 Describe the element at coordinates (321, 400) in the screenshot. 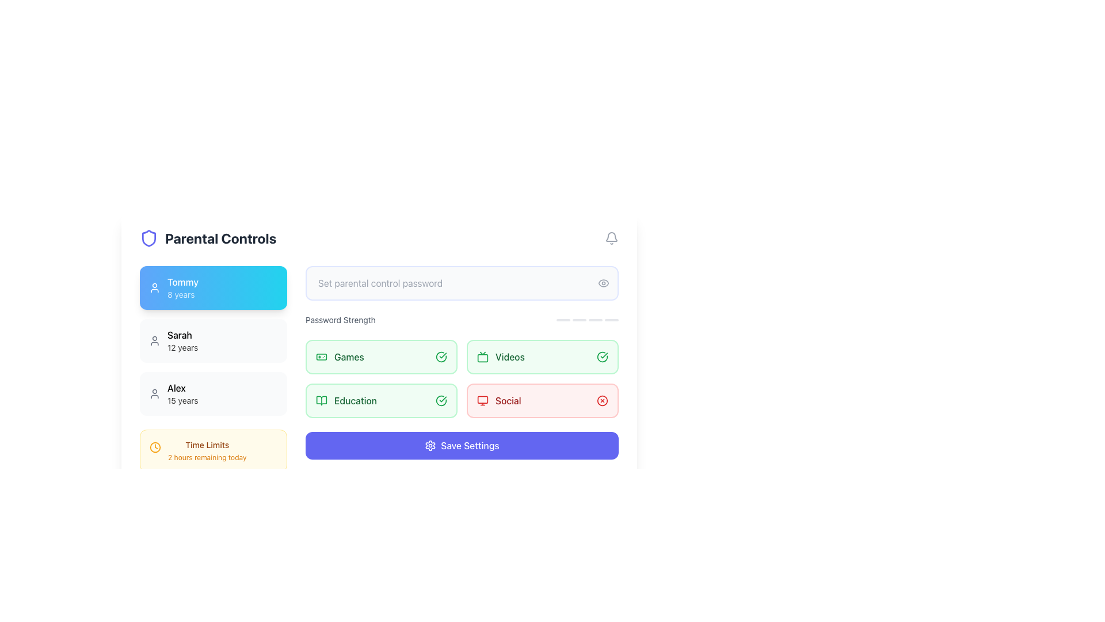

I see `the 'Education' icon located in the first column of the second row within the 'Password Strength' card, which represents educational content settings` at that location.